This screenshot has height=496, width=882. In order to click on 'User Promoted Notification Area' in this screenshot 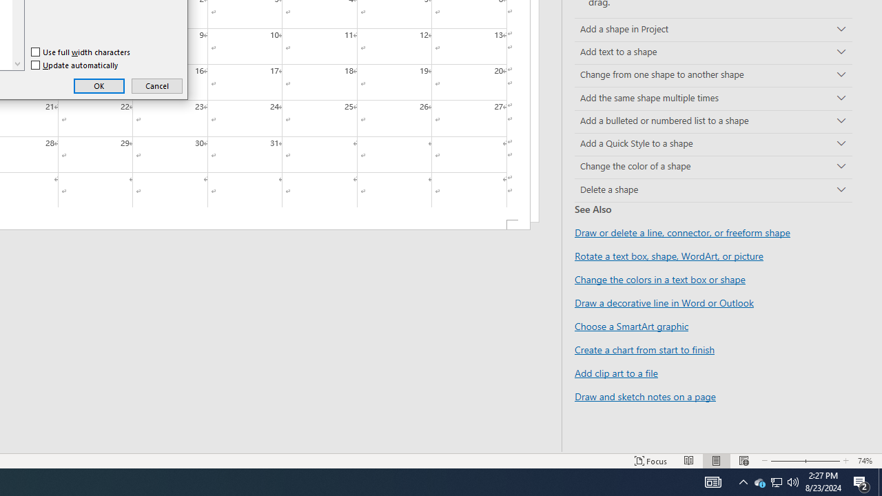, I will do `click(777, 481)`.